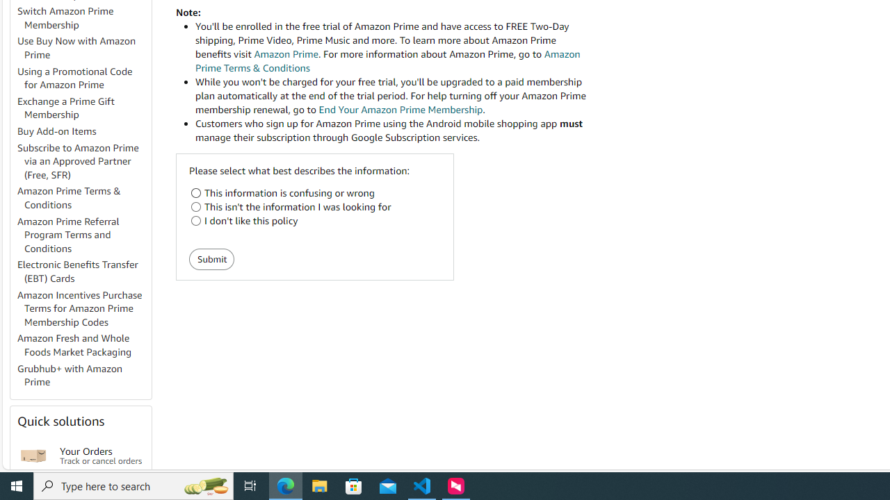  I want to click on 'Switch Amazon Prime Membership', so click(65, 17).